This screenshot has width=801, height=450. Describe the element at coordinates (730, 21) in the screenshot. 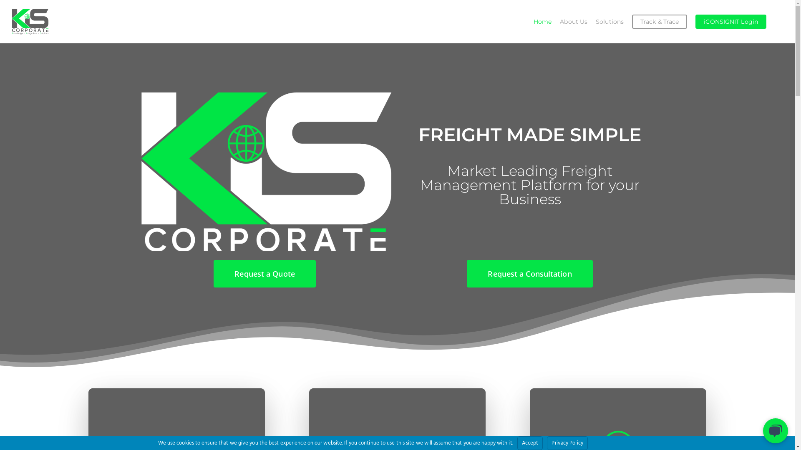

I see `'iCONSIGNIT Login'` at that location.